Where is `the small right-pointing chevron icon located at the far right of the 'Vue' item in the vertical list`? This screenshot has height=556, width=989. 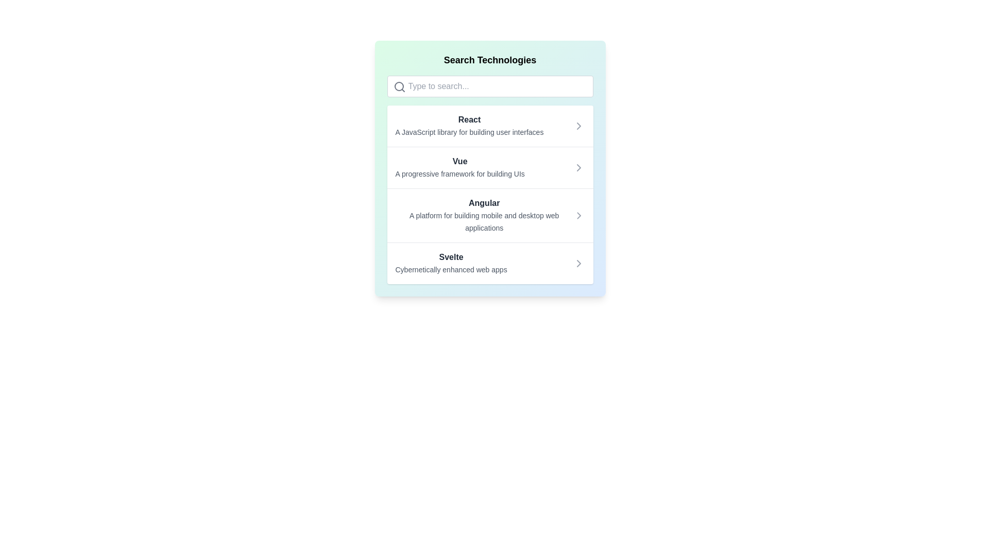
the small right-pointing chevron icon located at the far right of the 'Vue' item in the vertical list is located at coordinates (578, 167).